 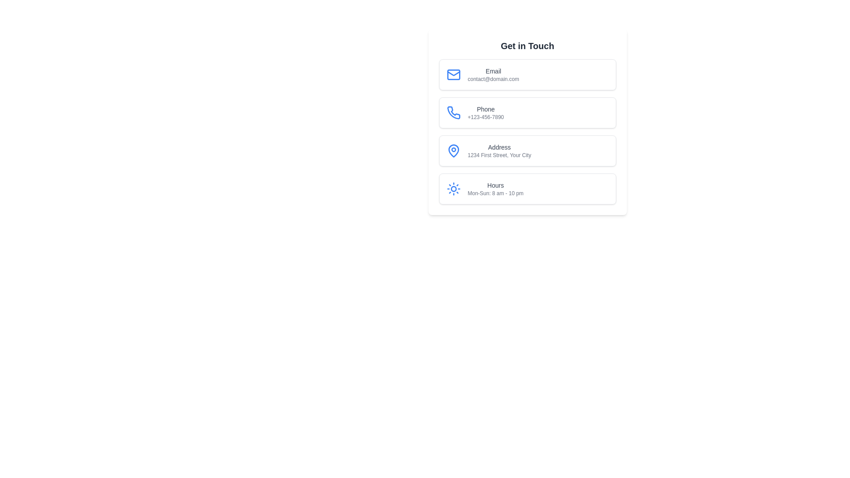 What do you see at coordinates (453, 74) in the screenshot?
I see `the email icon located at the top-left corner of the first section under the 'Get in Touch' heading, preceding the email text 'contact@domain.com' for interaction` at bounding box center [453, 74].